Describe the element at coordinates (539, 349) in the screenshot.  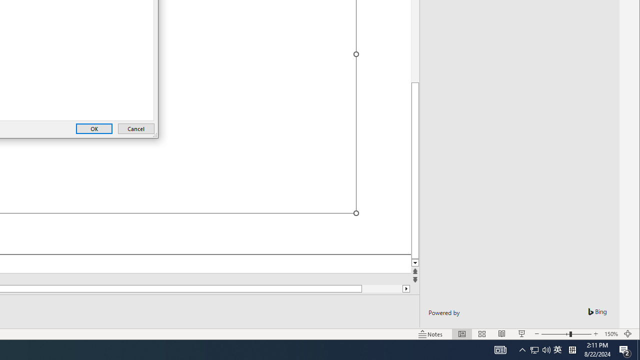
I see `'User Promoted Notification Area'` at that location.